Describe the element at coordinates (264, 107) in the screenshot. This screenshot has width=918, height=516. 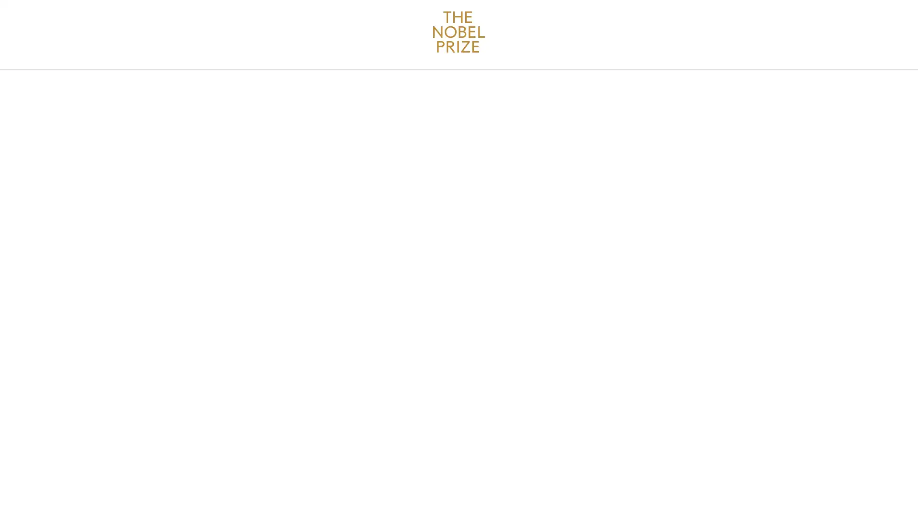
I see `Economic Sciences` at that location.